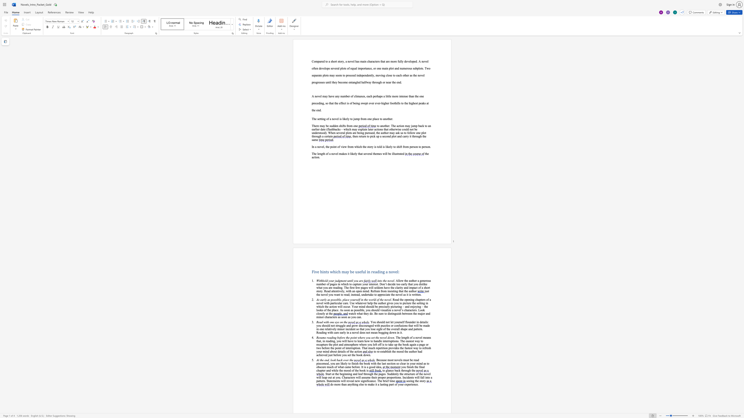  What do you see at coordinates (319, 75) in the screenshot?
I see `the space between the continuous character "a" and "t" in the text` at bounding box center [319, 75].